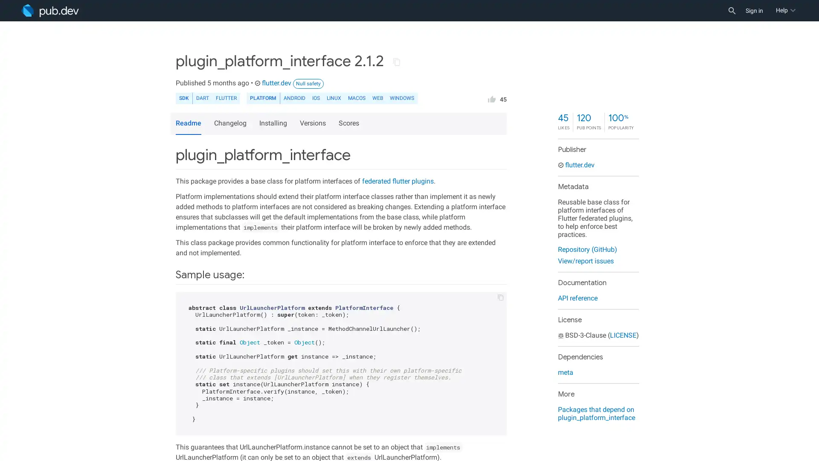 The image size is (819, 461). Describe the element at coordinates (491, 98) in the screenshot. I see `Like this package` at that location.